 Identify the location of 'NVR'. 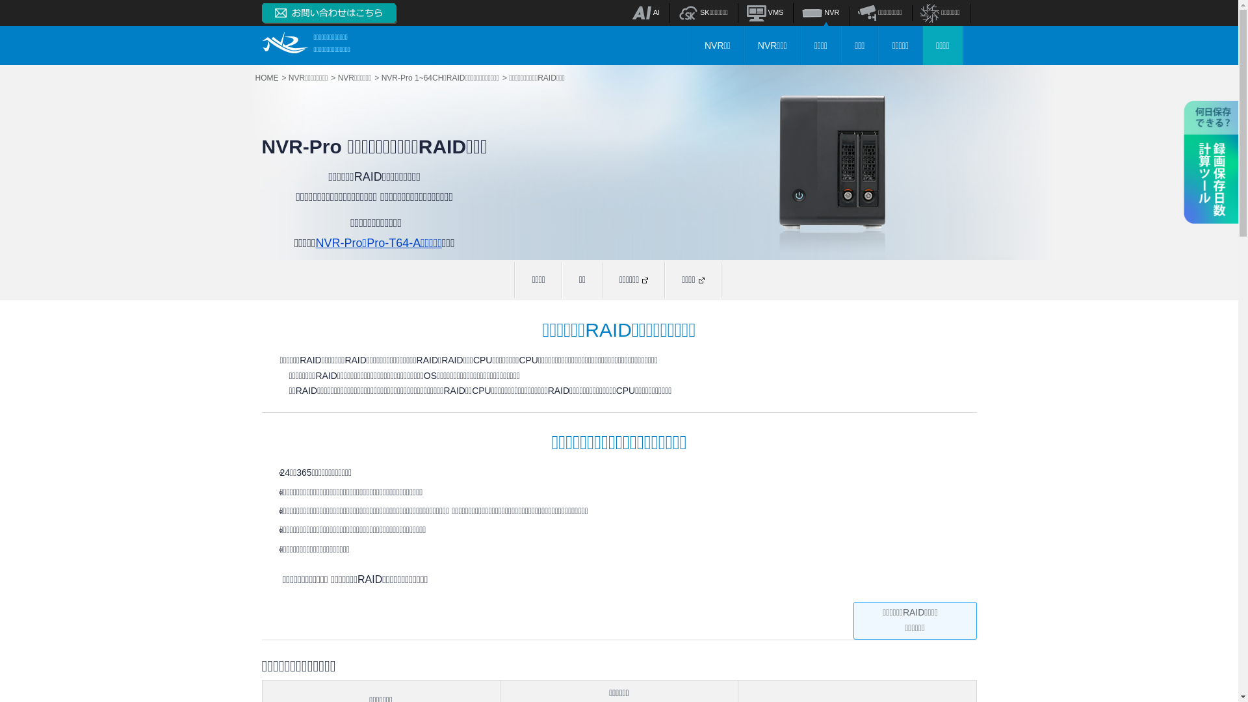
(801, 12).